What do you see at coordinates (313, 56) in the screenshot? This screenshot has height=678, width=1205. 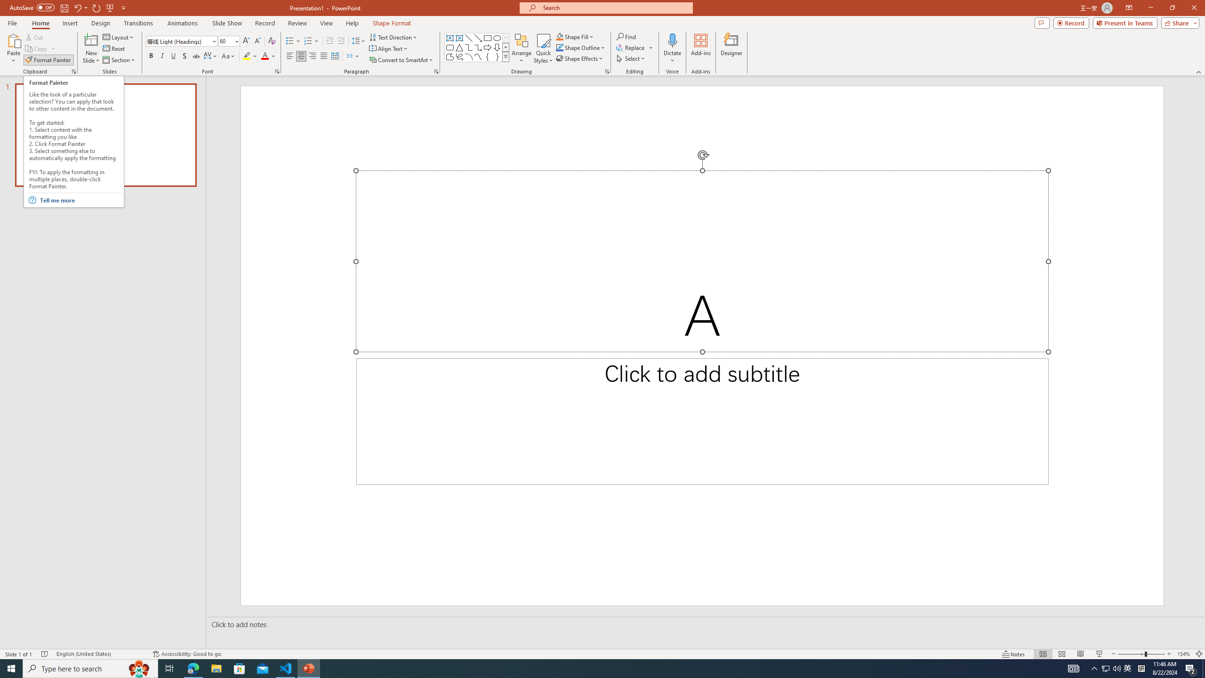 I see `'Align Right'` at bounding box center [313, 56].